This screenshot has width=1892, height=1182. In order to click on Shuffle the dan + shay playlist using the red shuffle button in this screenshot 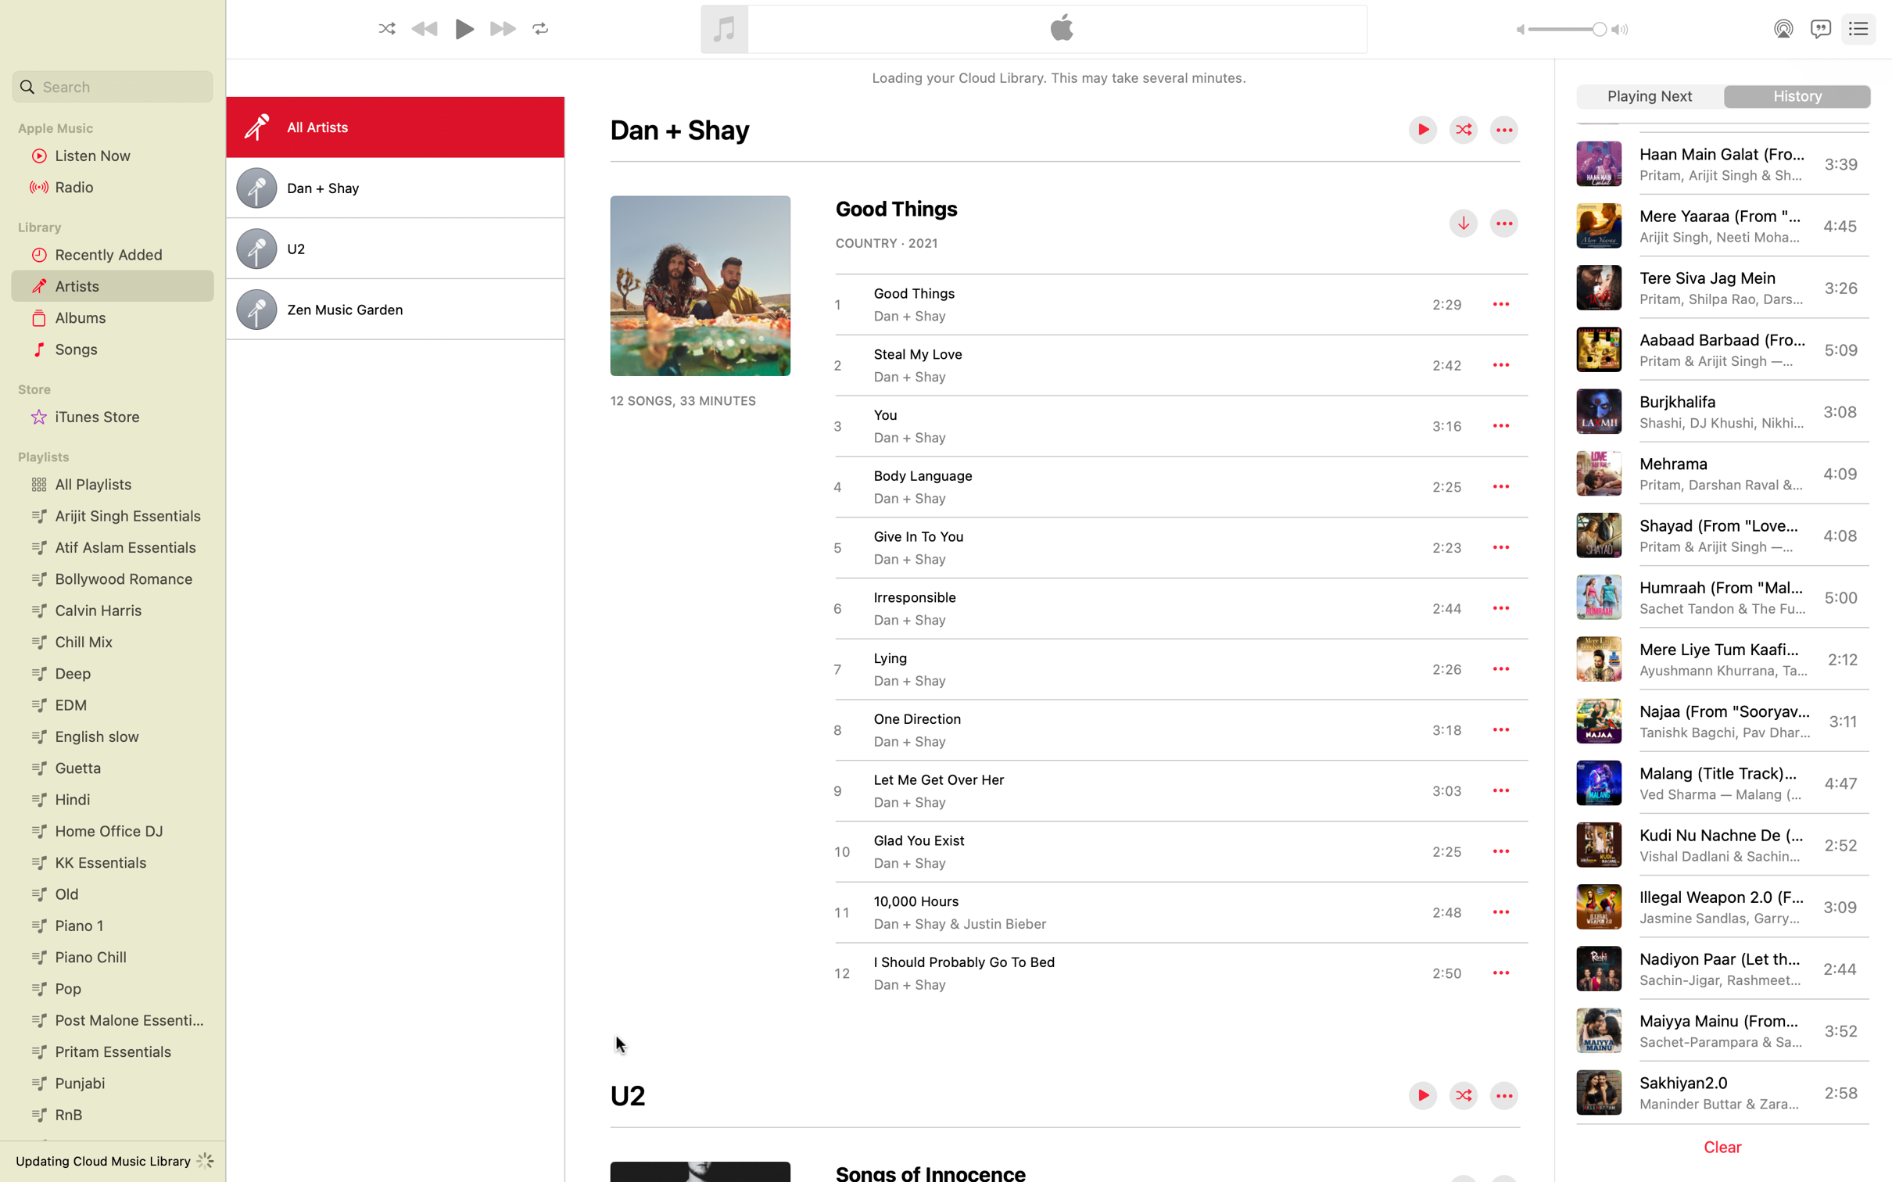, I will do `click(1464, 130)`.